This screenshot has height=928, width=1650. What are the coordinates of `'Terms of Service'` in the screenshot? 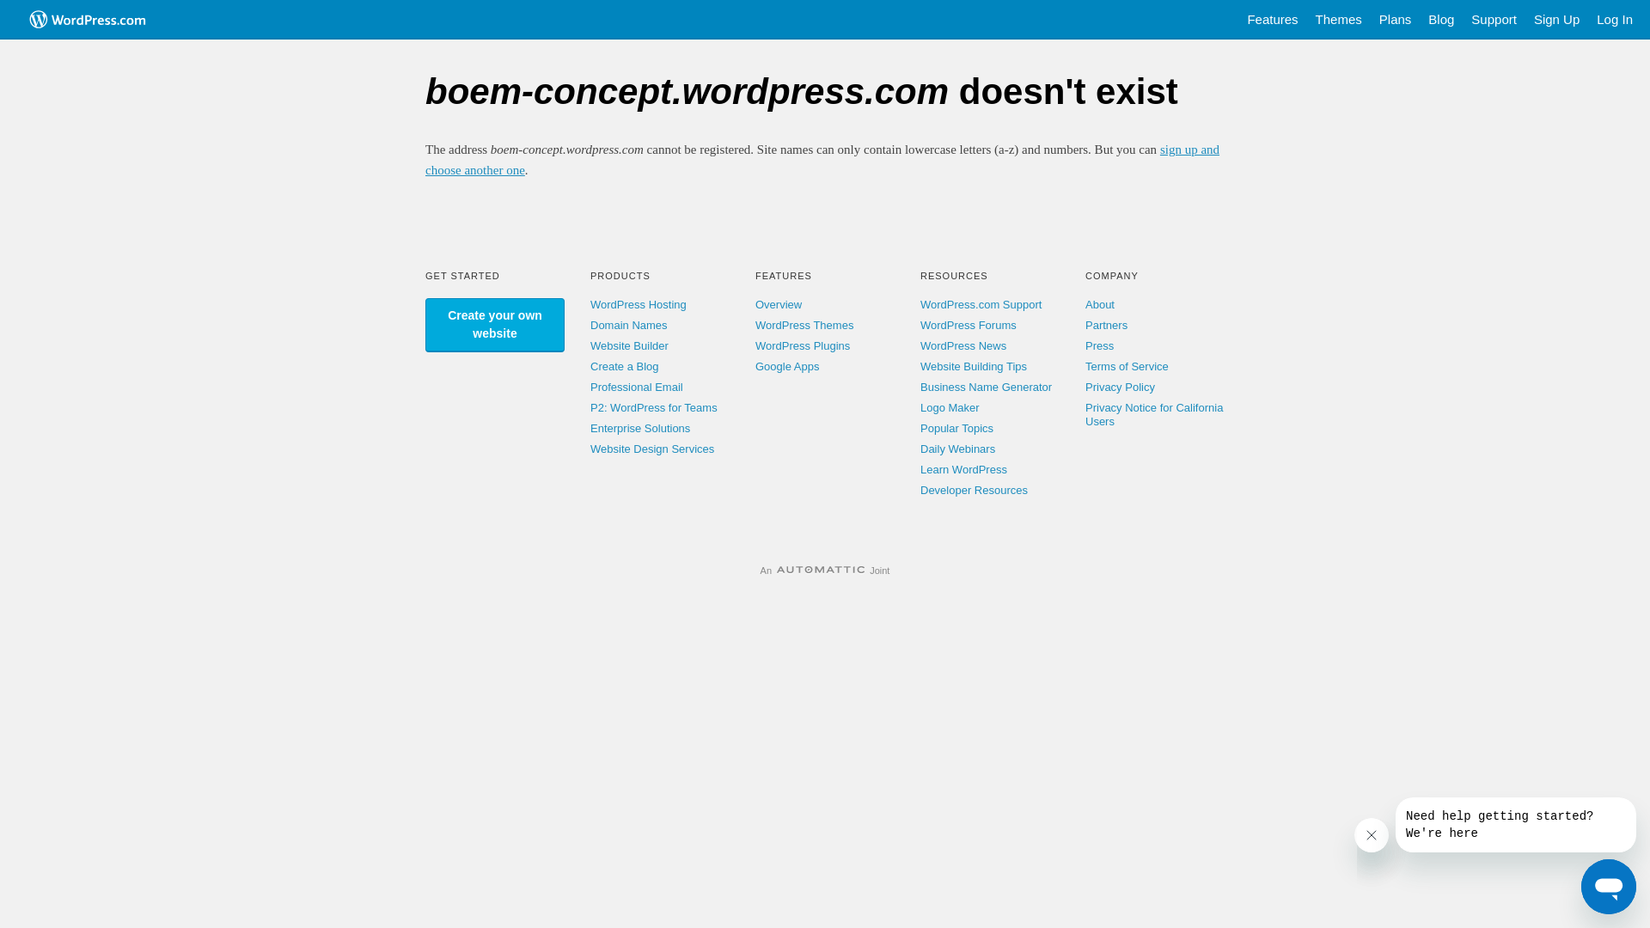 It's located at (1127, 365).